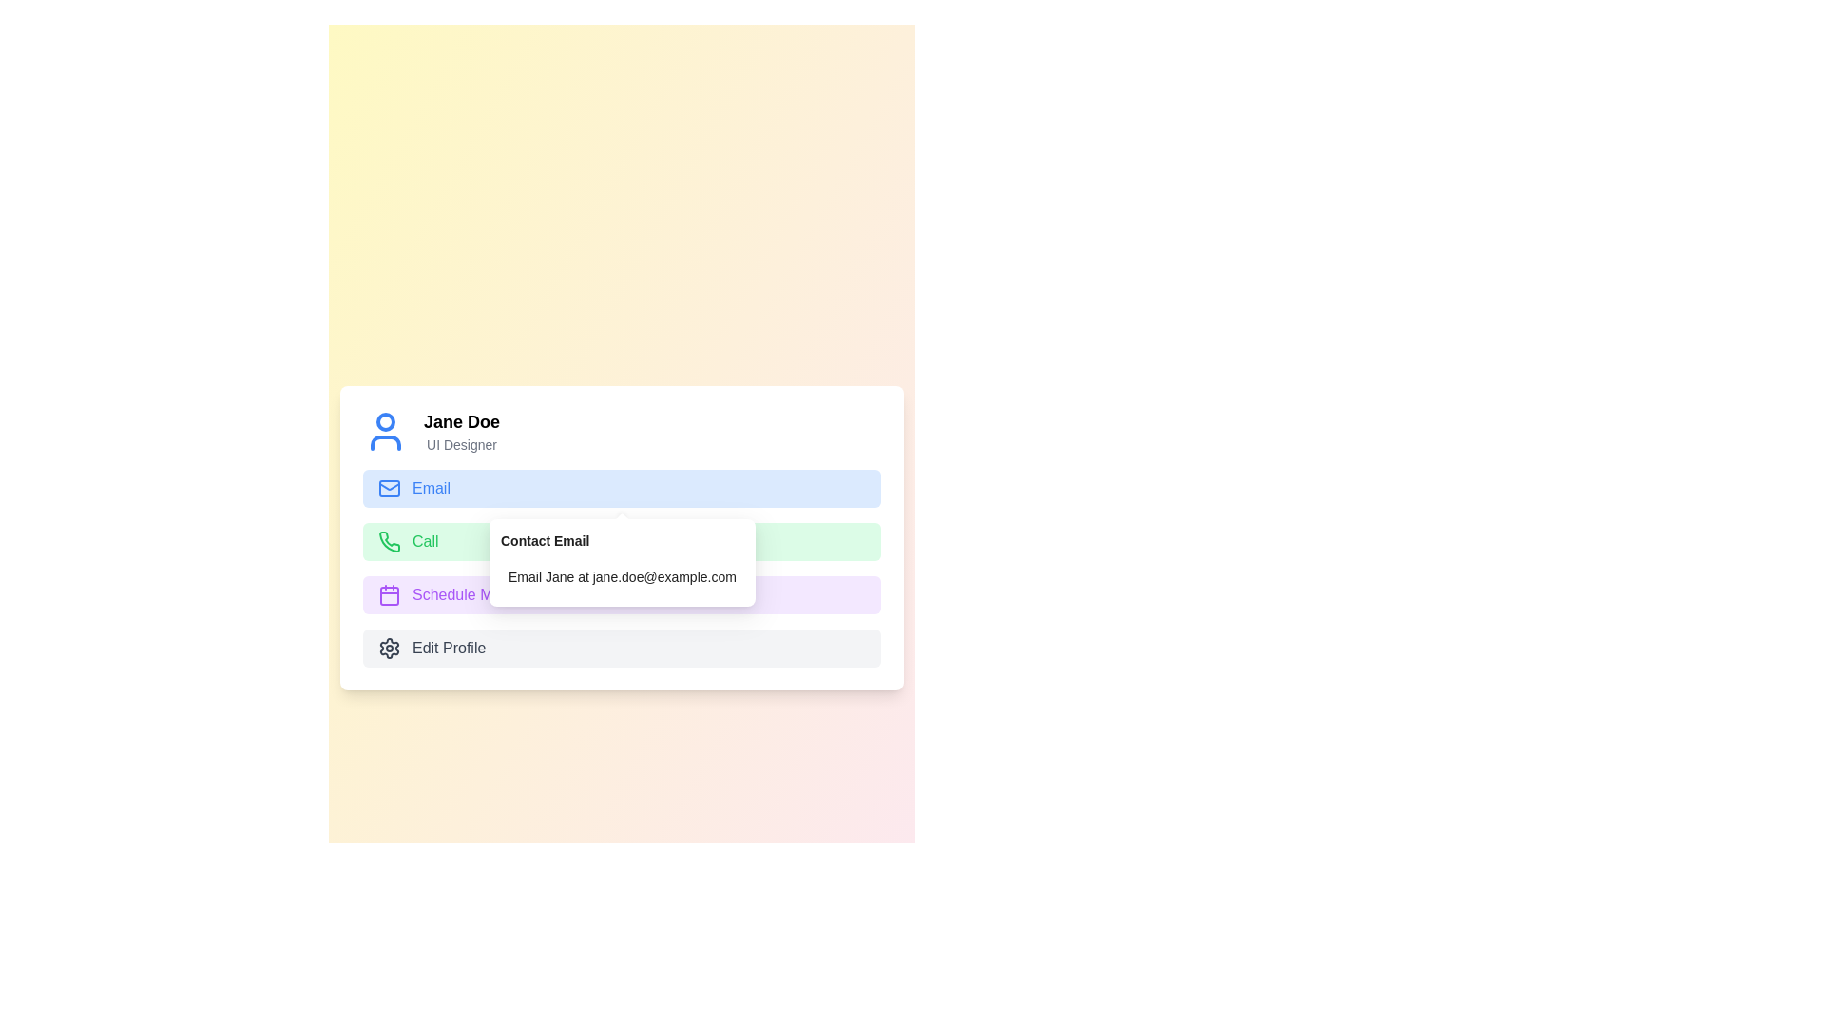  Describe the element at coordinates (622, 487) in the screenshot. I see `the email-related button located below the user name and designation section` at that location.